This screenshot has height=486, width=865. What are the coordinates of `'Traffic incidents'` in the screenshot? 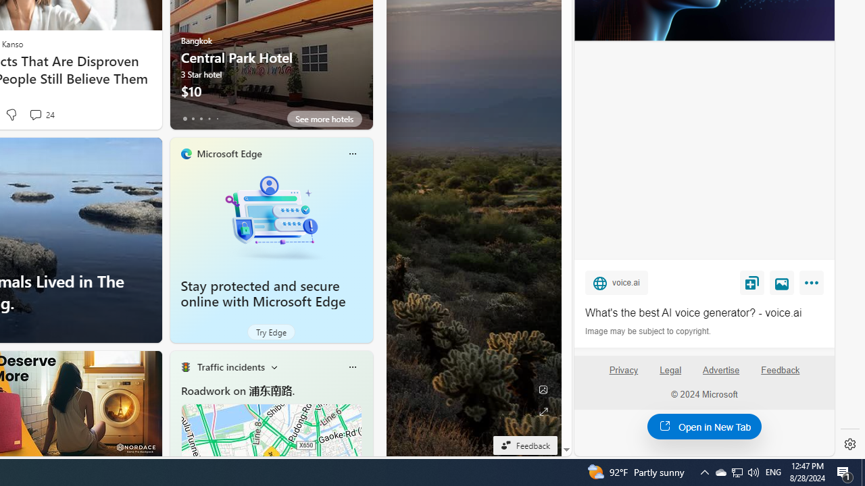 It's located at (230, 367).